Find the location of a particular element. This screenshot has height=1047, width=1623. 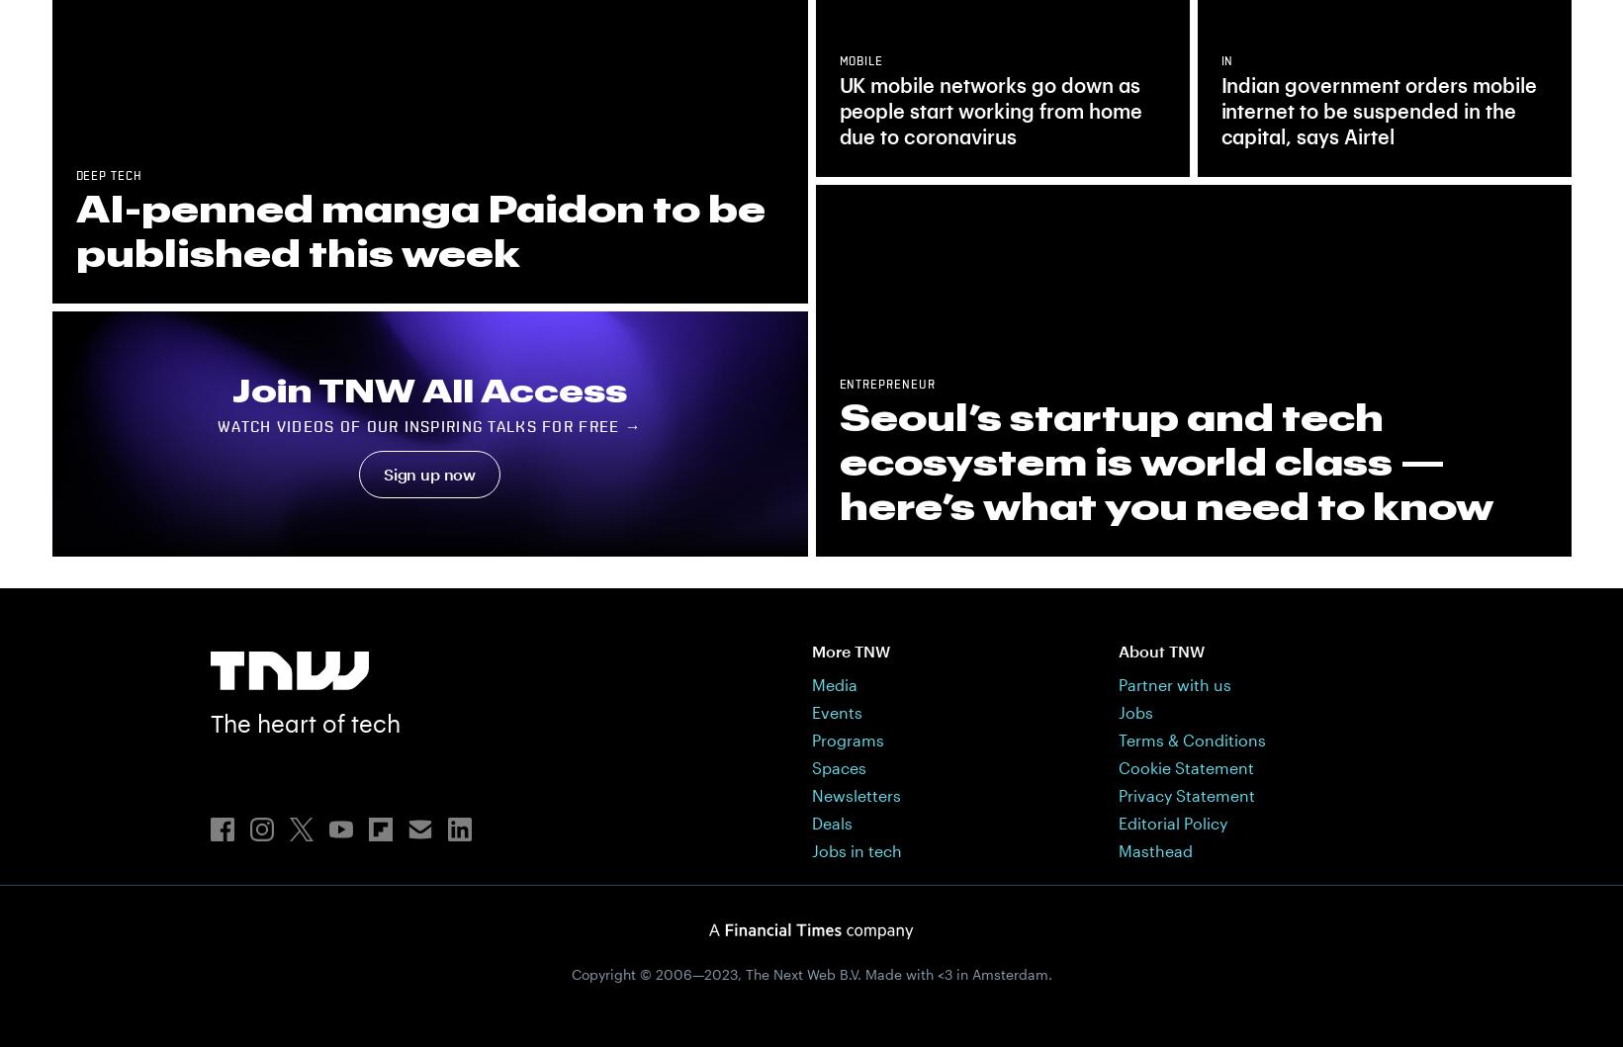

'mobile' is located at coordinates (859, 60).